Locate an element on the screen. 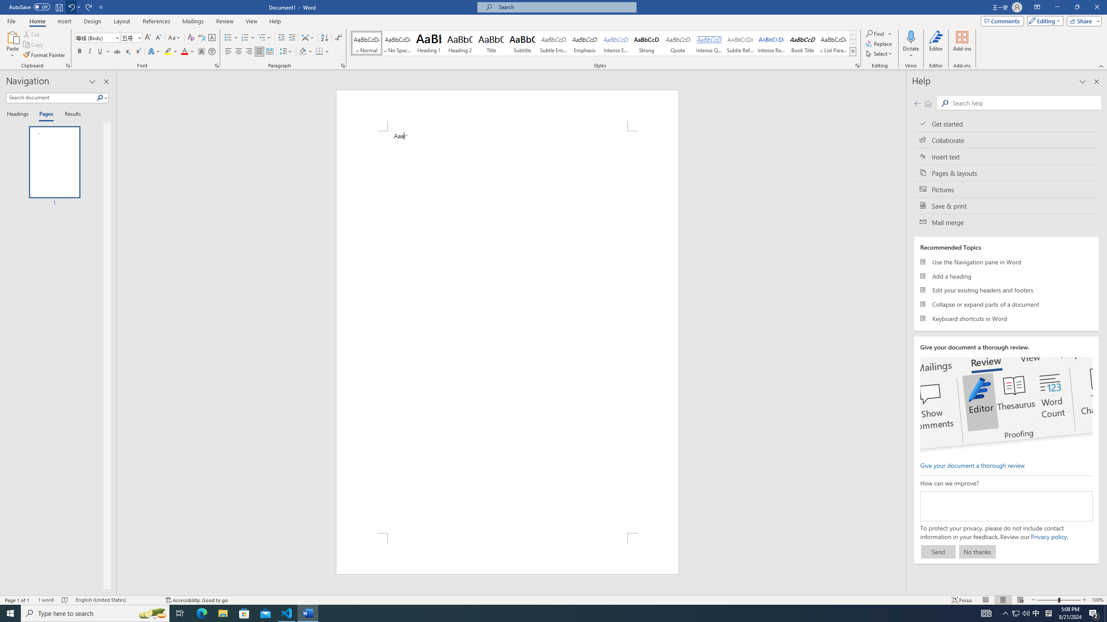 The image size is (1107, 622). 'Privacy policy' is located at coordinates (1049, 536).